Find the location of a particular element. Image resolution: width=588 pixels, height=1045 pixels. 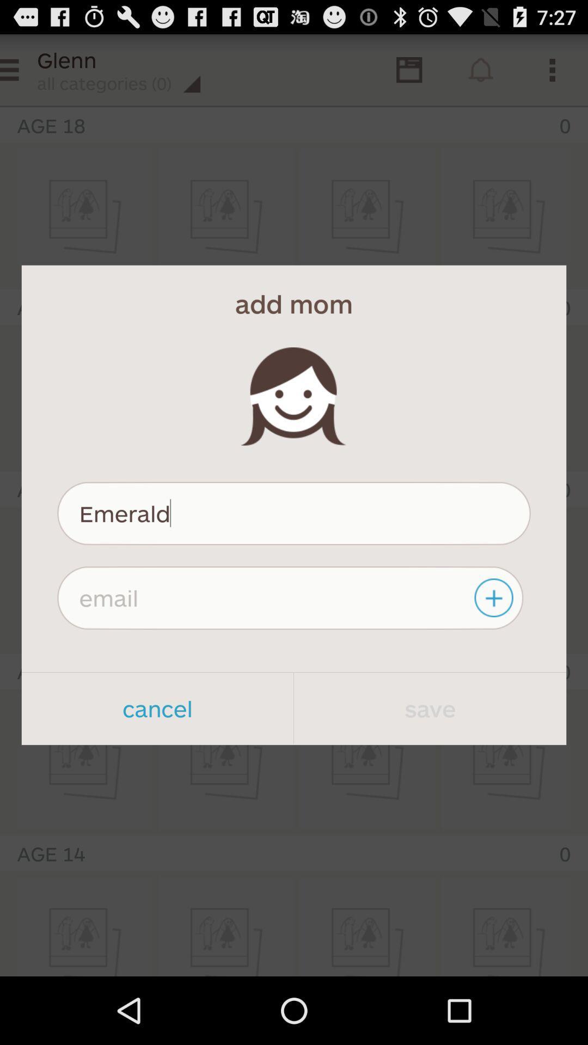

the icon next to the cancel is located at coordinates (430, 708).